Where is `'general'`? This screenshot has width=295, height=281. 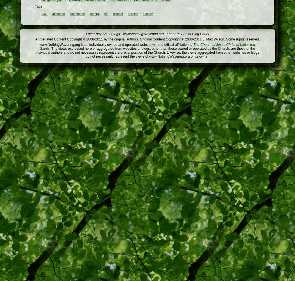 'general' is located at coordinates (94, 14).